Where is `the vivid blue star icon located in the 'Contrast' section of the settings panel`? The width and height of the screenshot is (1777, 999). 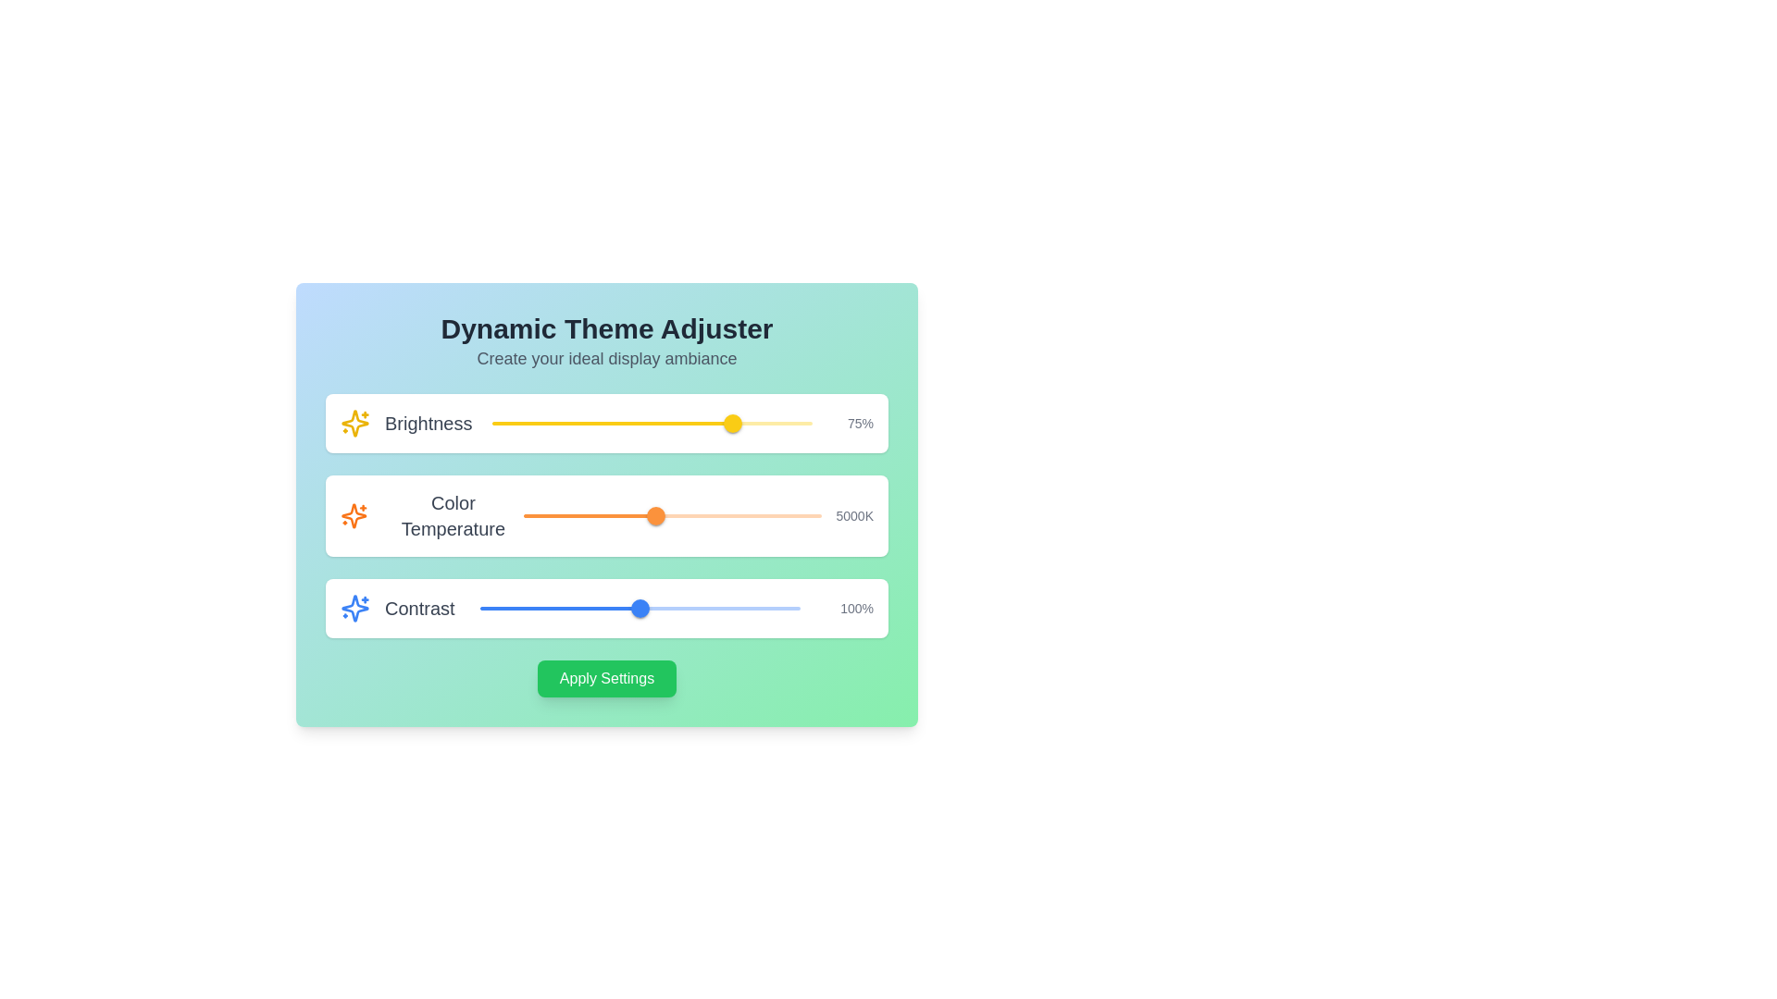
the vivid blue star icon located in the 'Contrast' section of the settings panel is located at coordinates (355, 609).